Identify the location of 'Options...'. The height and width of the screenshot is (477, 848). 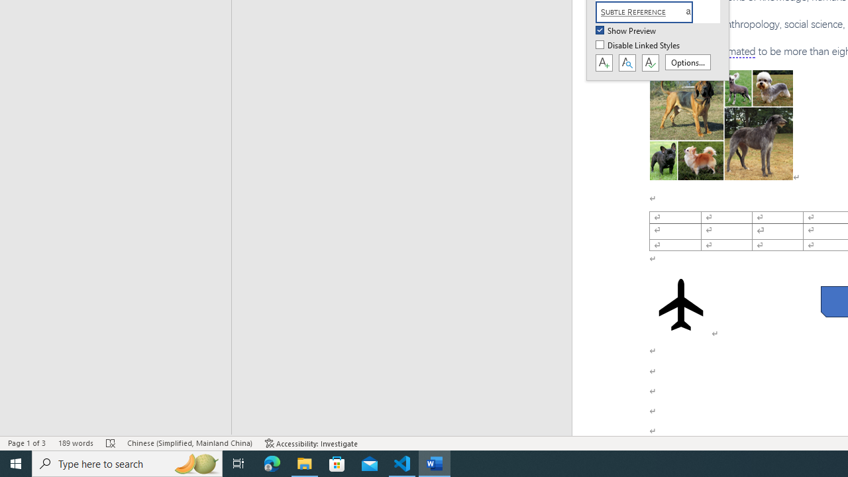
(688, 62).